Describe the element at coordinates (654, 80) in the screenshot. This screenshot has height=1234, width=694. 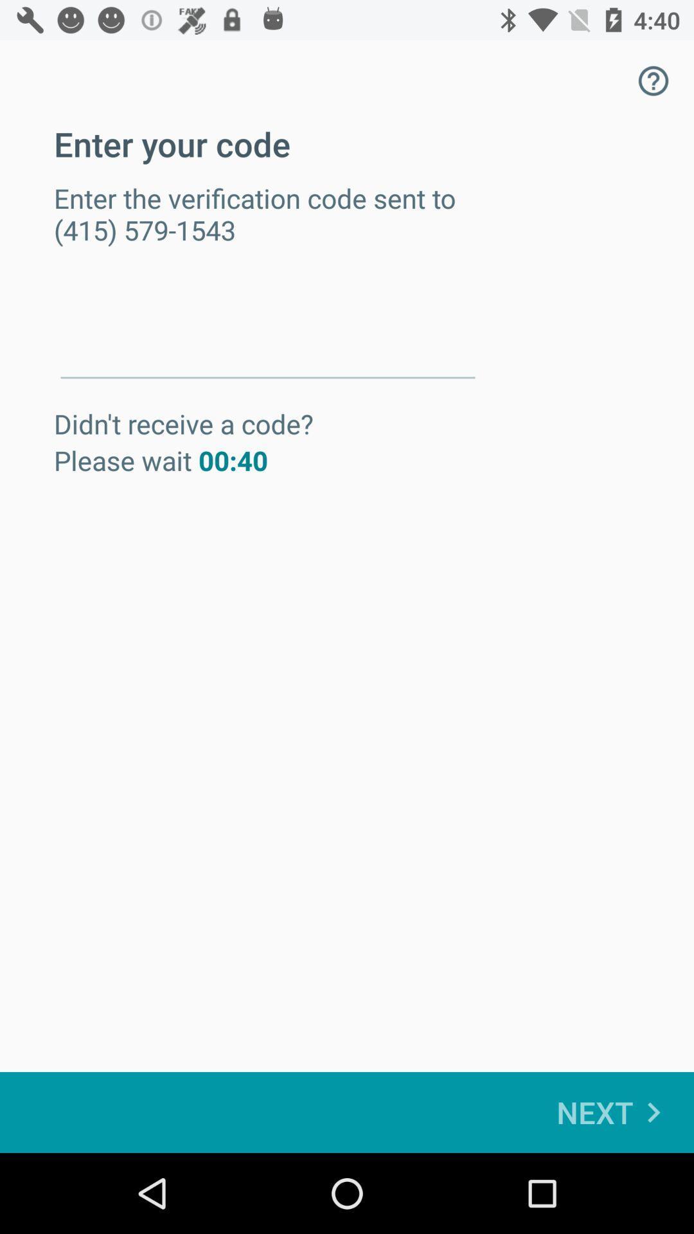
I see `item above next` at that location.